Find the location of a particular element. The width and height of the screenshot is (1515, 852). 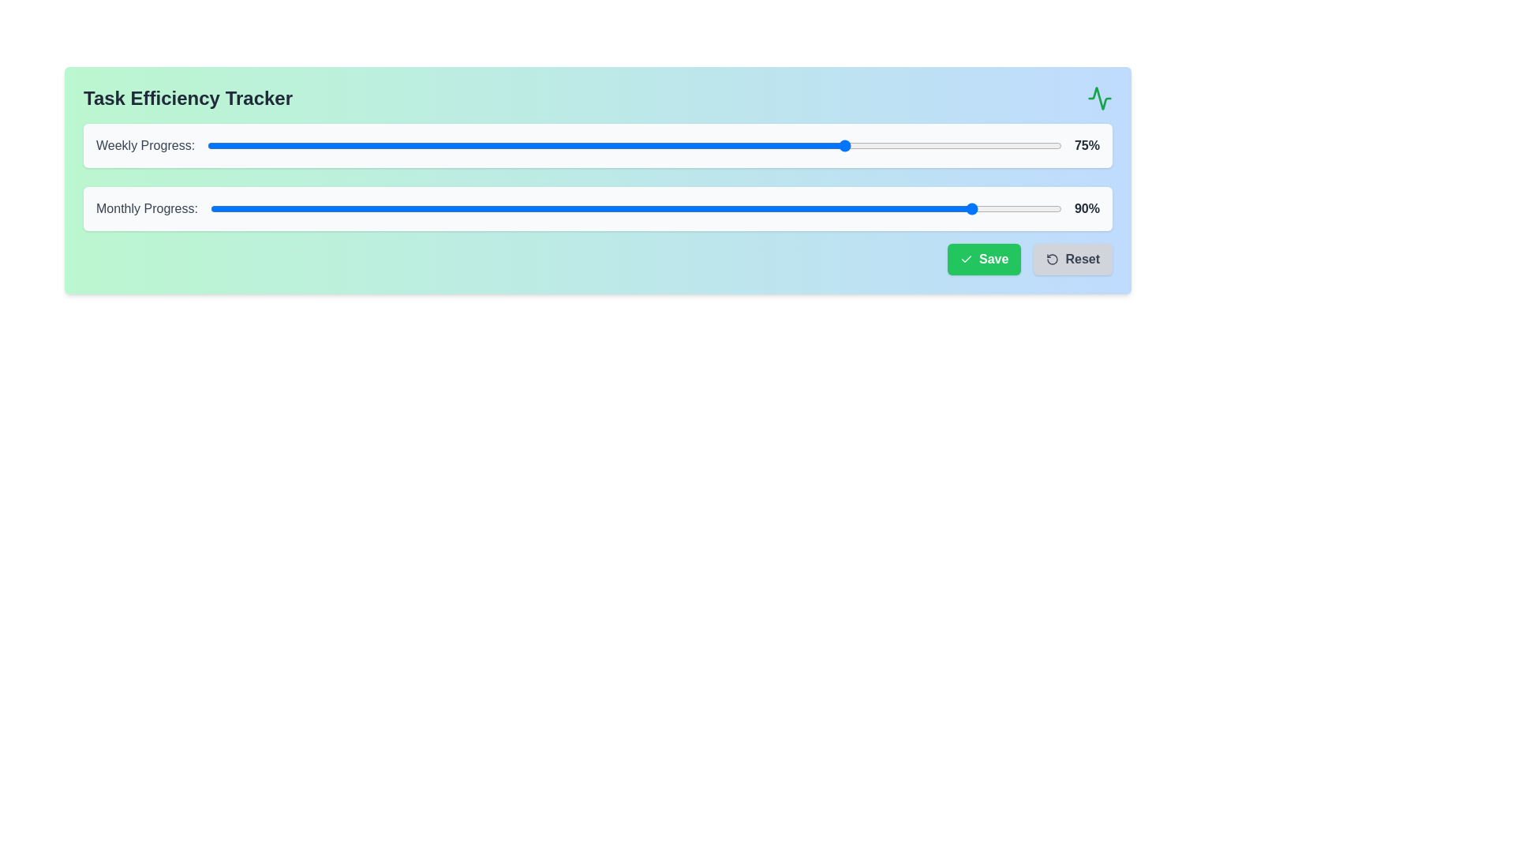

the Weekly Progress slider to 77% is located at coordinates (864, 146).